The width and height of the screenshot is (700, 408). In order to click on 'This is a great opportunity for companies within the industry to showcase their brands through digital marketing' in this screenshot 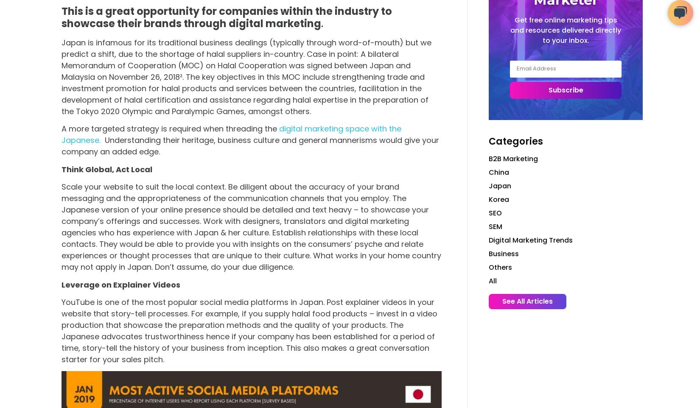, I will do `click(226, 17)`.